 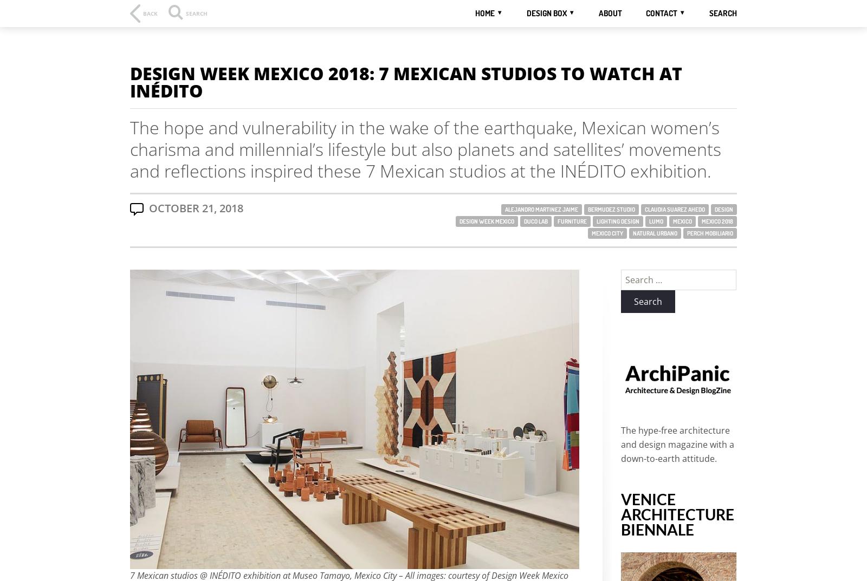 What do you see at coordinates (572, 221) in the screenshot?
I see `'furniture'` at bounding box center [572, 221].